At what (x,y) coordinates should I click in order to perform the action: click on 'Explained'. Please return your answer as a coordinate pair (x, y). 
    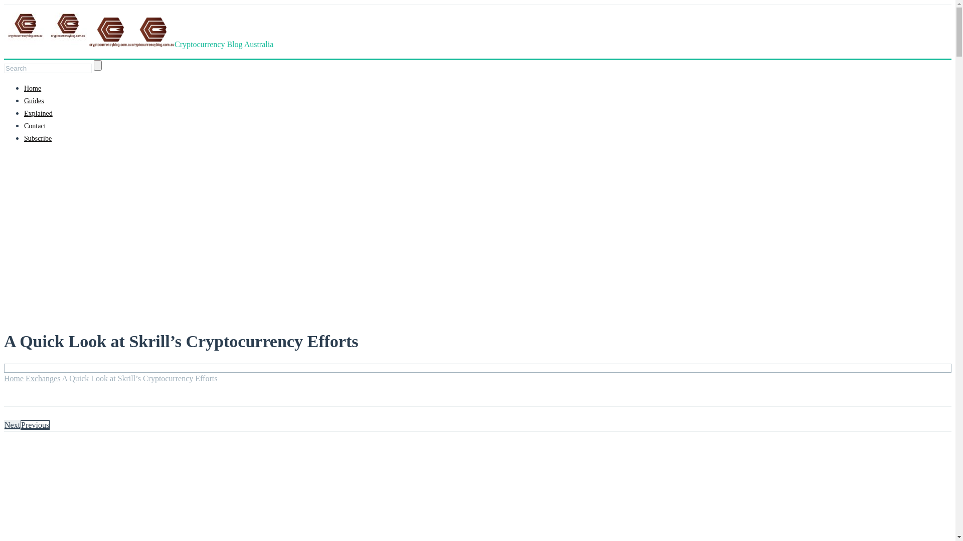
    Looking at the image, I should click on (38, 113).